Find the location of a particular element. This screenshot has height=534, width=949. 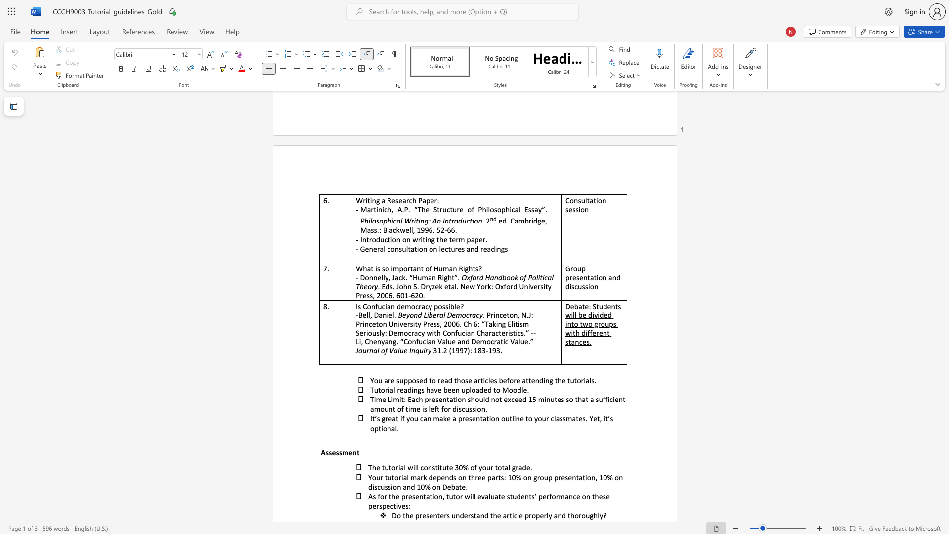

the subset text "al wil" within the text "The tutorial will constitute 30% of your total grade." is located at coordinates (400, 467).